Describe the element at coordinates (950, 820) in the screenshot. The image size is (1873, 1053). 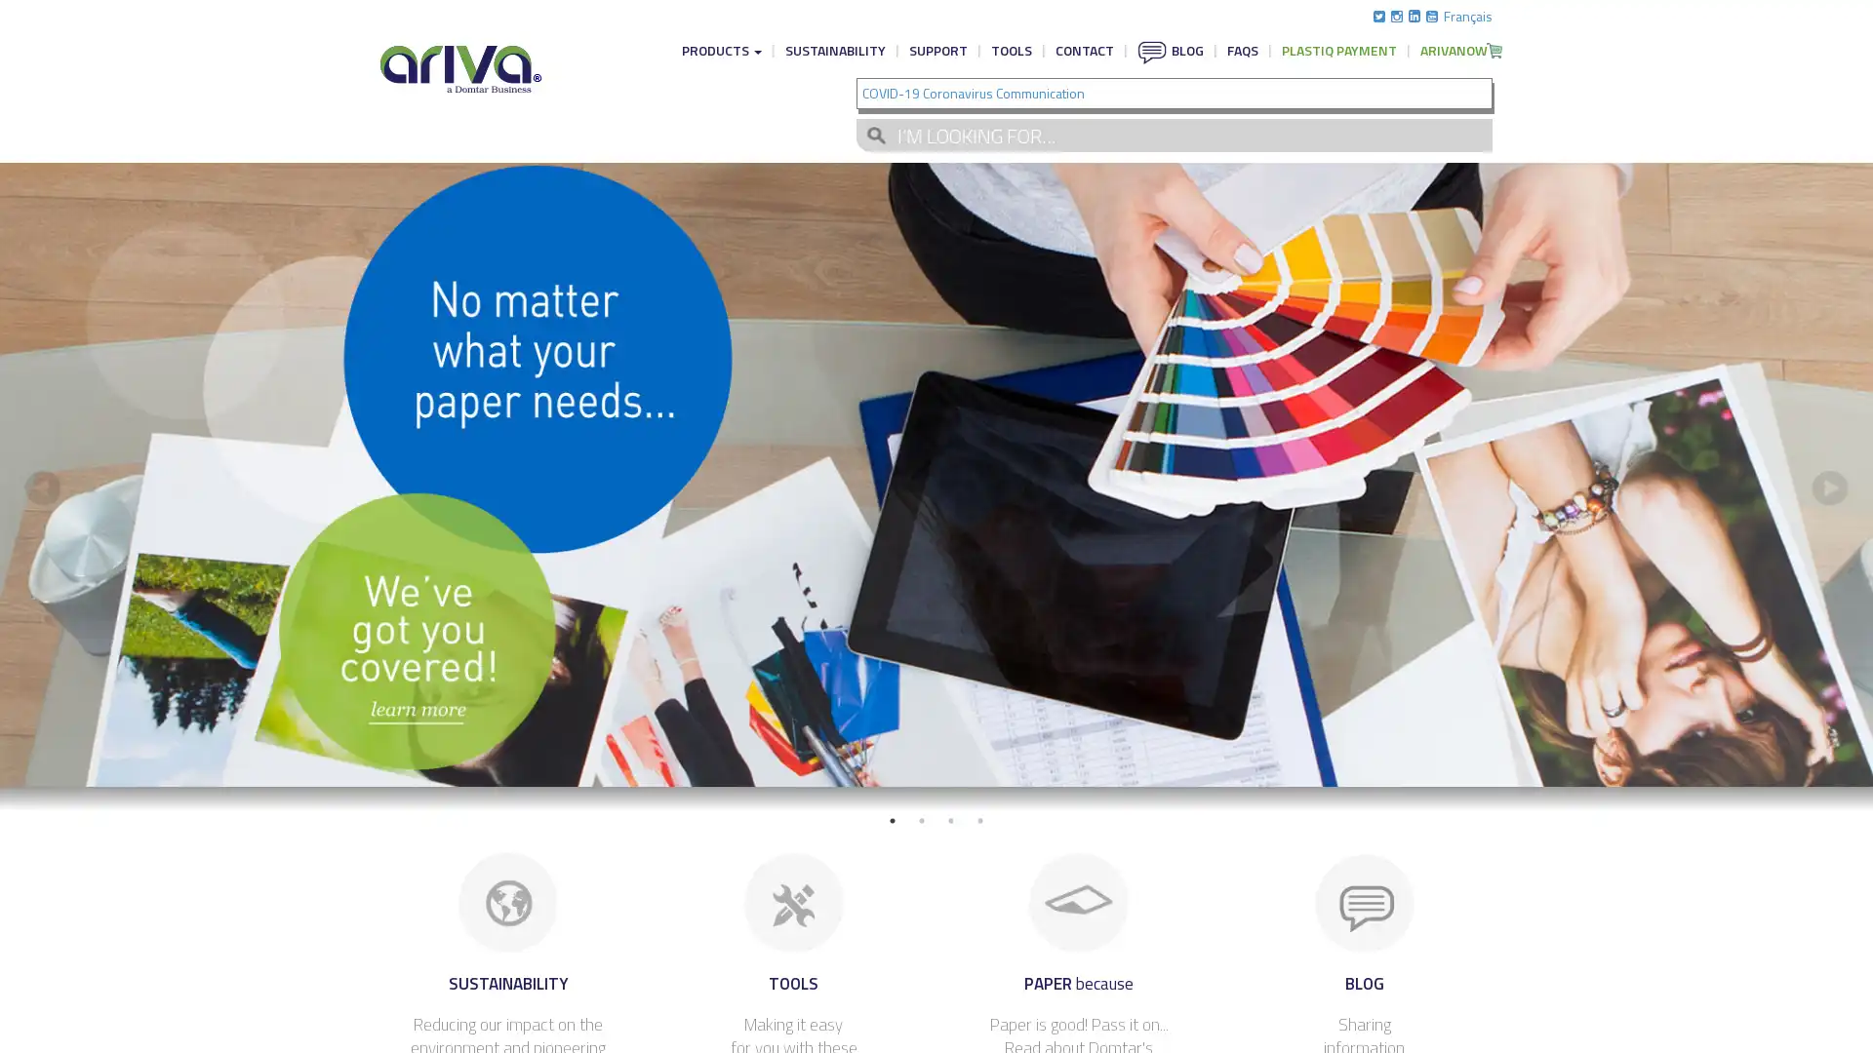
I see `3` at that location.